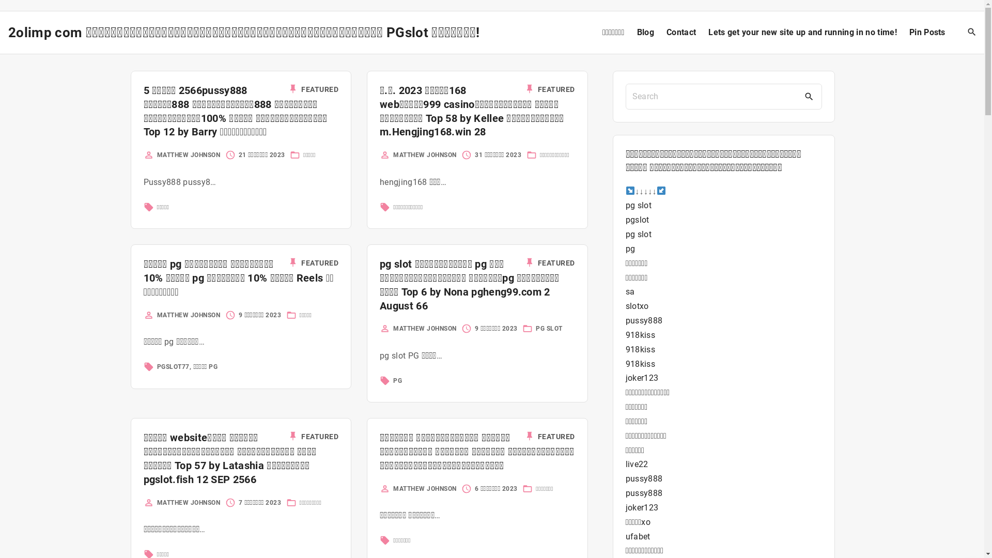 The width and height of the screenshot is (992, 558). What do you see at coordinates (393, 488) in the screenshot?
I see `'MATTHEW JOHNSON'` at bounding box center [393, 488].